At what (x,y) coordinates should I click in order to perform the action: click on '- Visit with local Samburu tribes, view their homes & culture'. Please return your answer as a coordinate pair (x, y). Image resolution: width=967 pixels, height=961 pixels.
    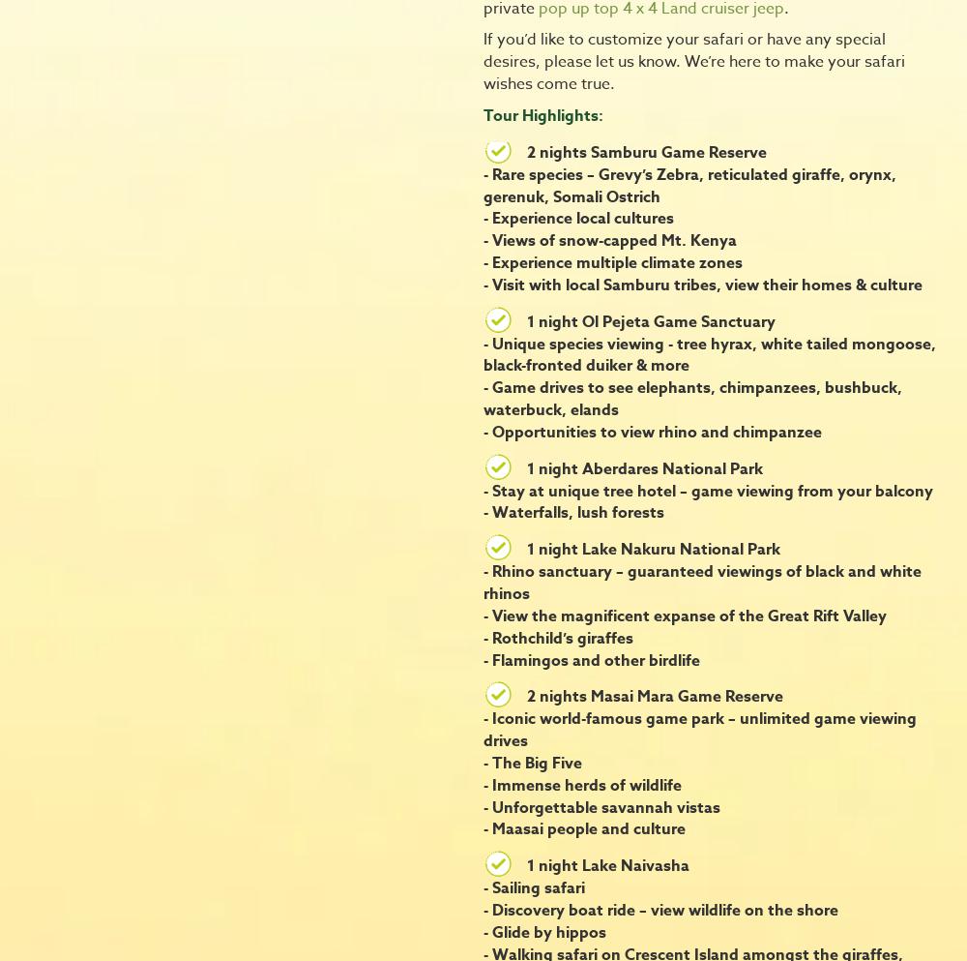
    Looking at the image, I should click on (702, 285).